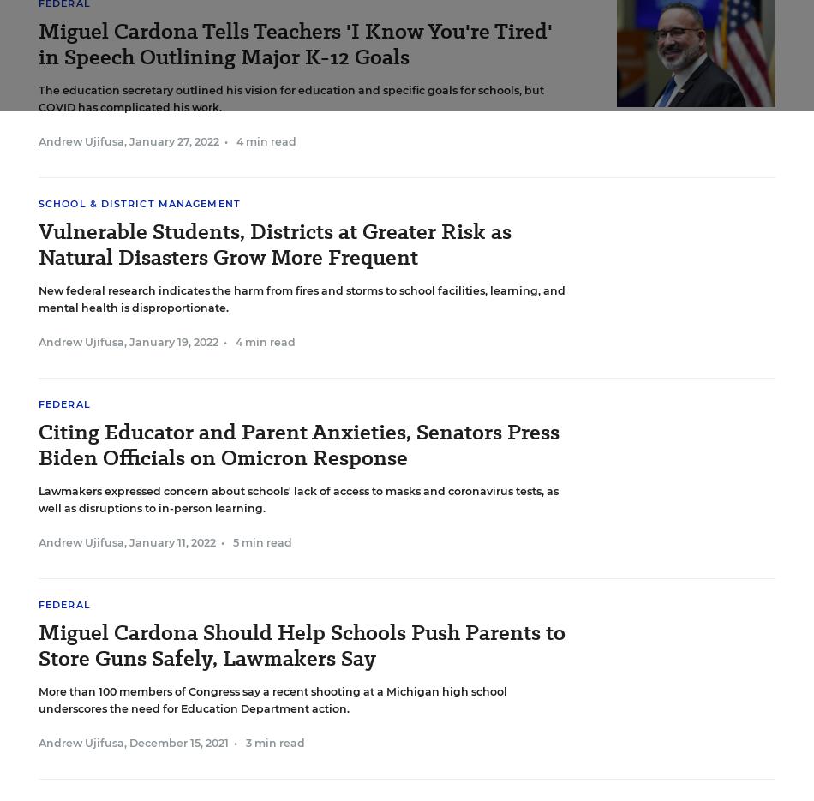  I want to click on 'Lawmakers expressed concern about schools' lack of access to masks and coronavirus tests, as well as disruptions to in-person learning.', so click(297, 499).